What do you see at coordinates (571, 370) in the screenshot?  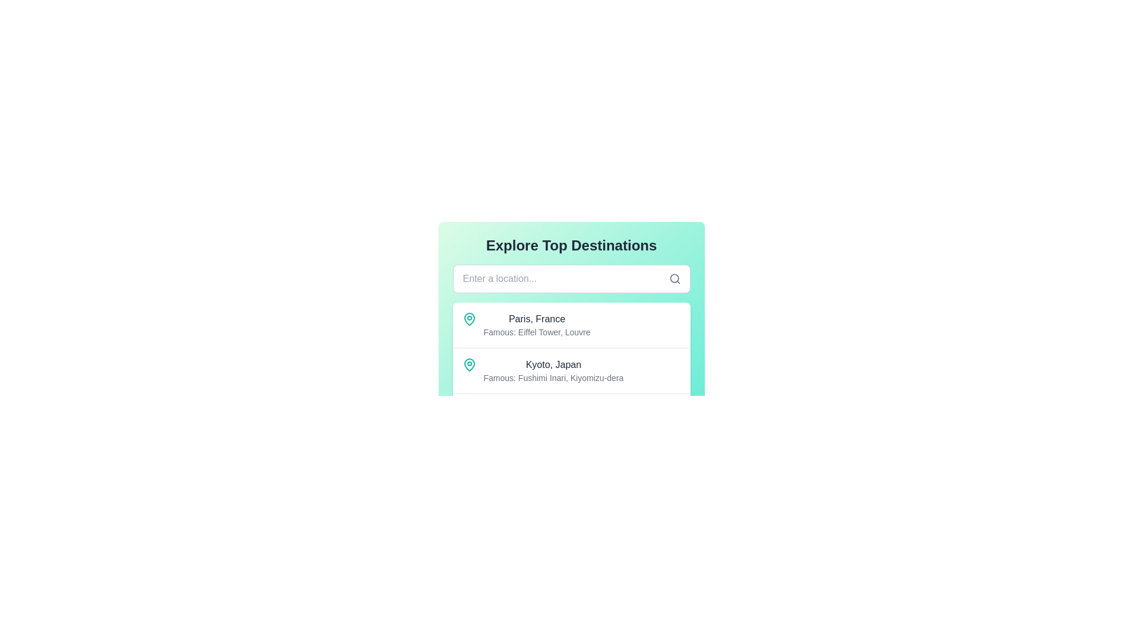 I see `the list item displaying 'Kyoto, Japan'` at bounding box center [571, 370].